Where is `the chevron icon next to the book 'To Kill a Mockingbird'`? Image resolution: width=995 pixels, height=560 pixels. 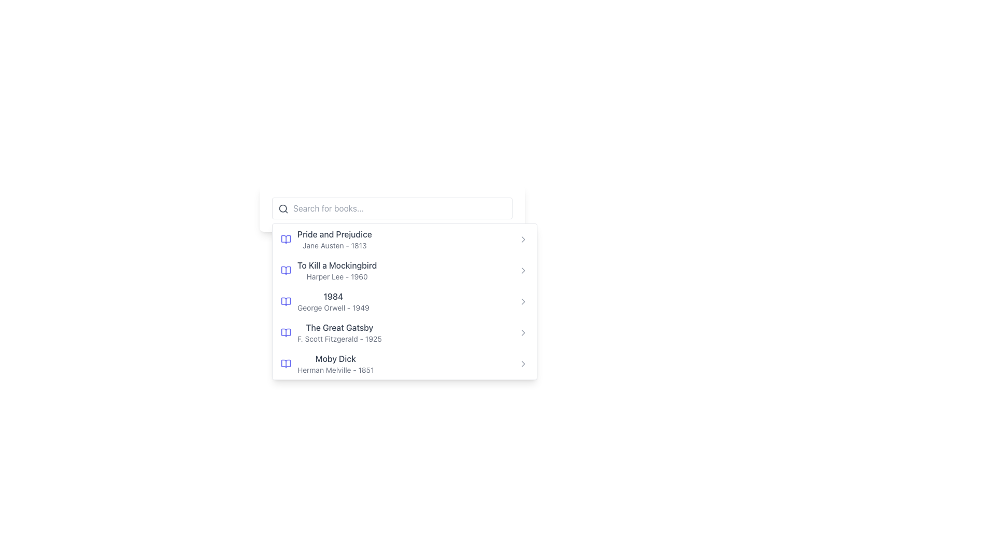 the chevron icon next to the book 'To Kill a Mockingbird' is located at coordinates (523, 270).